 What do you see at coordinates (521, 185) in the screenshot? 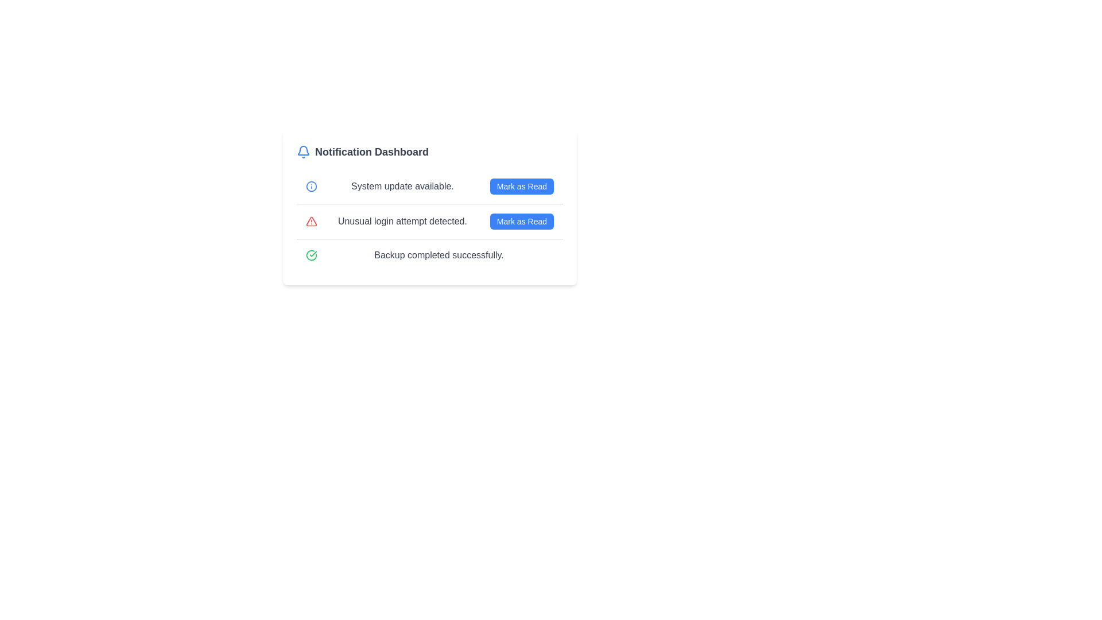
I see `the button located to the right of the text 'System update available.' to mark the notification as read` at bounding box center [521, 185].